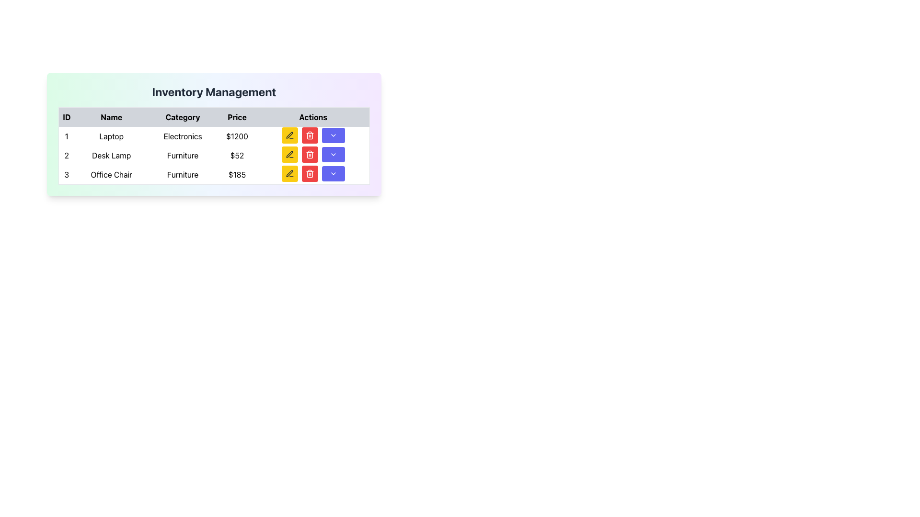 This screenshot has height=517, width=920. Describe the element at coordinates (289, 173) in the screenshot. I see `the edit icon representing the editing action for the 'Office Chair' item, located in the 'Actions' column of the table` at that location.